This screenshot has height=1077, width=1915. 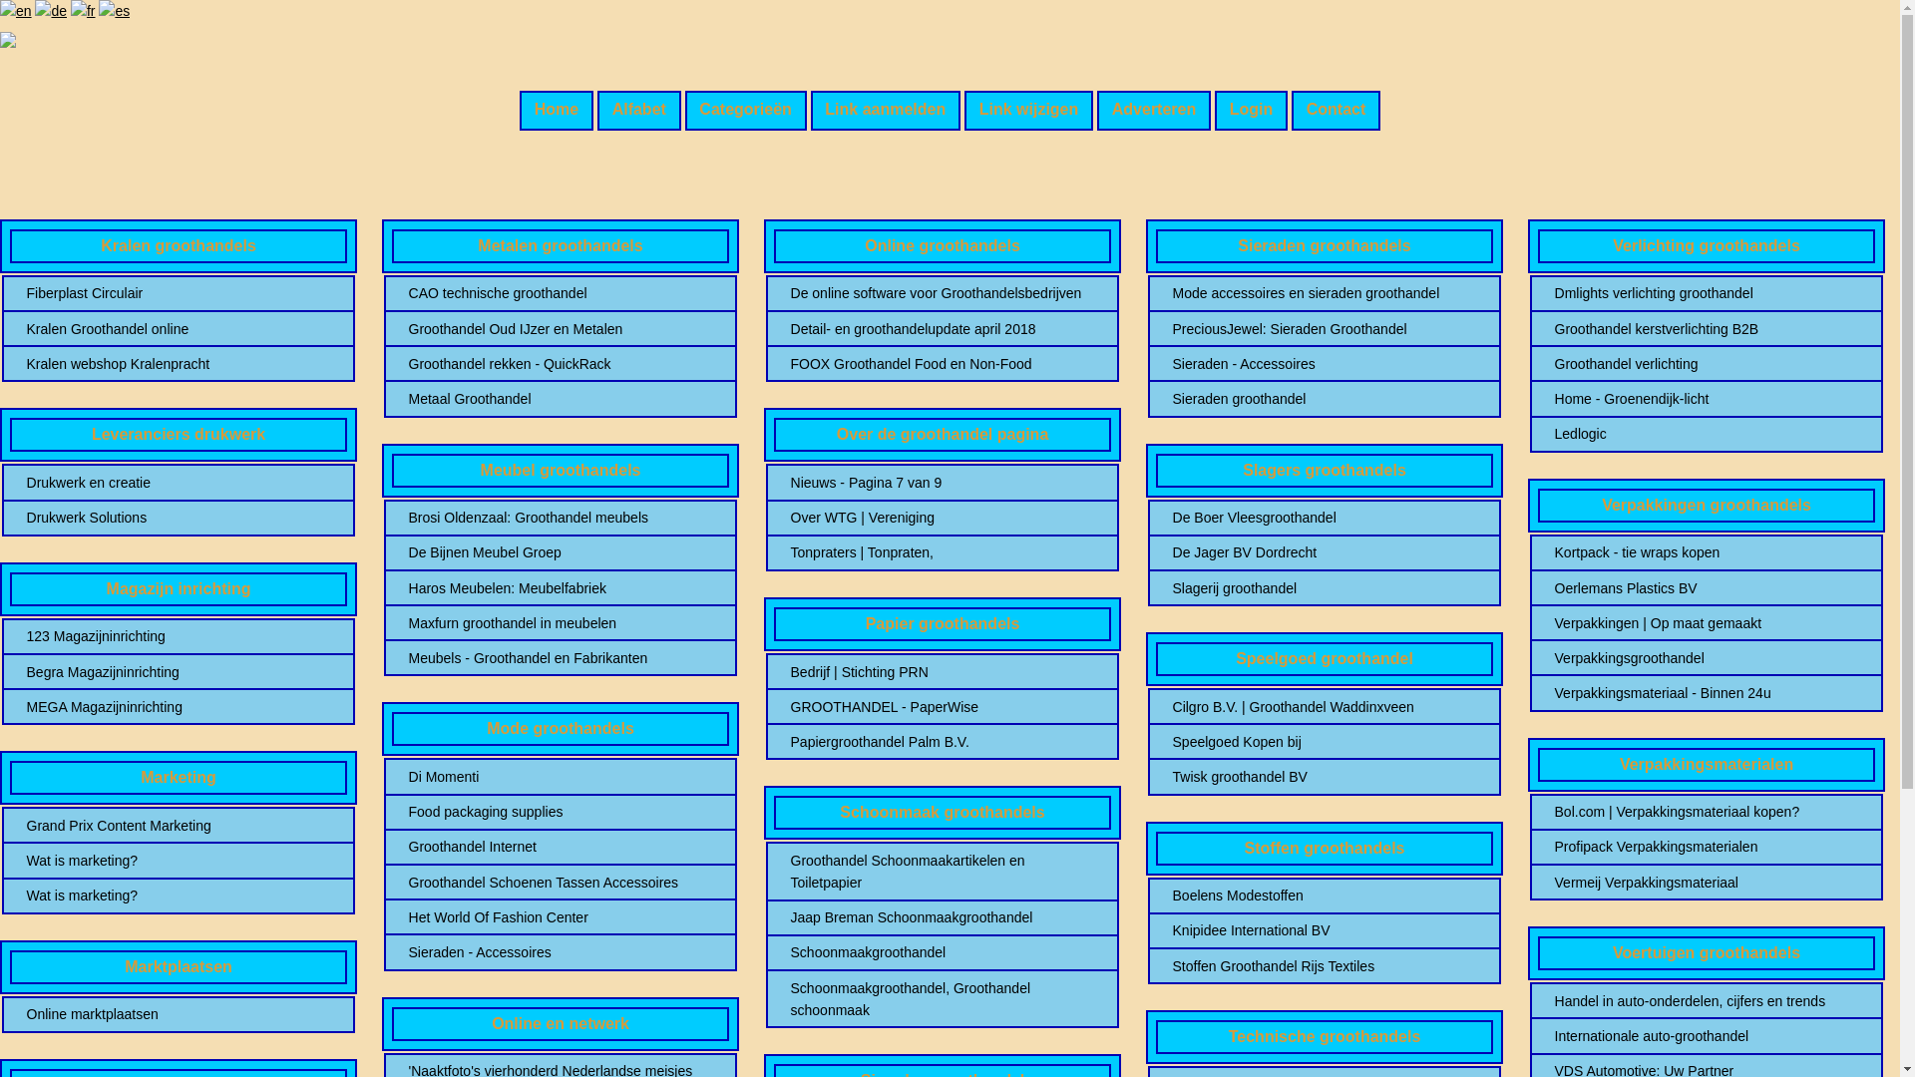 What do you see at coordinates (1706, 846) in the screenshot?
I see `'Profipack Verpakkingsmaterialen'` at bounding box center [1706, 846].